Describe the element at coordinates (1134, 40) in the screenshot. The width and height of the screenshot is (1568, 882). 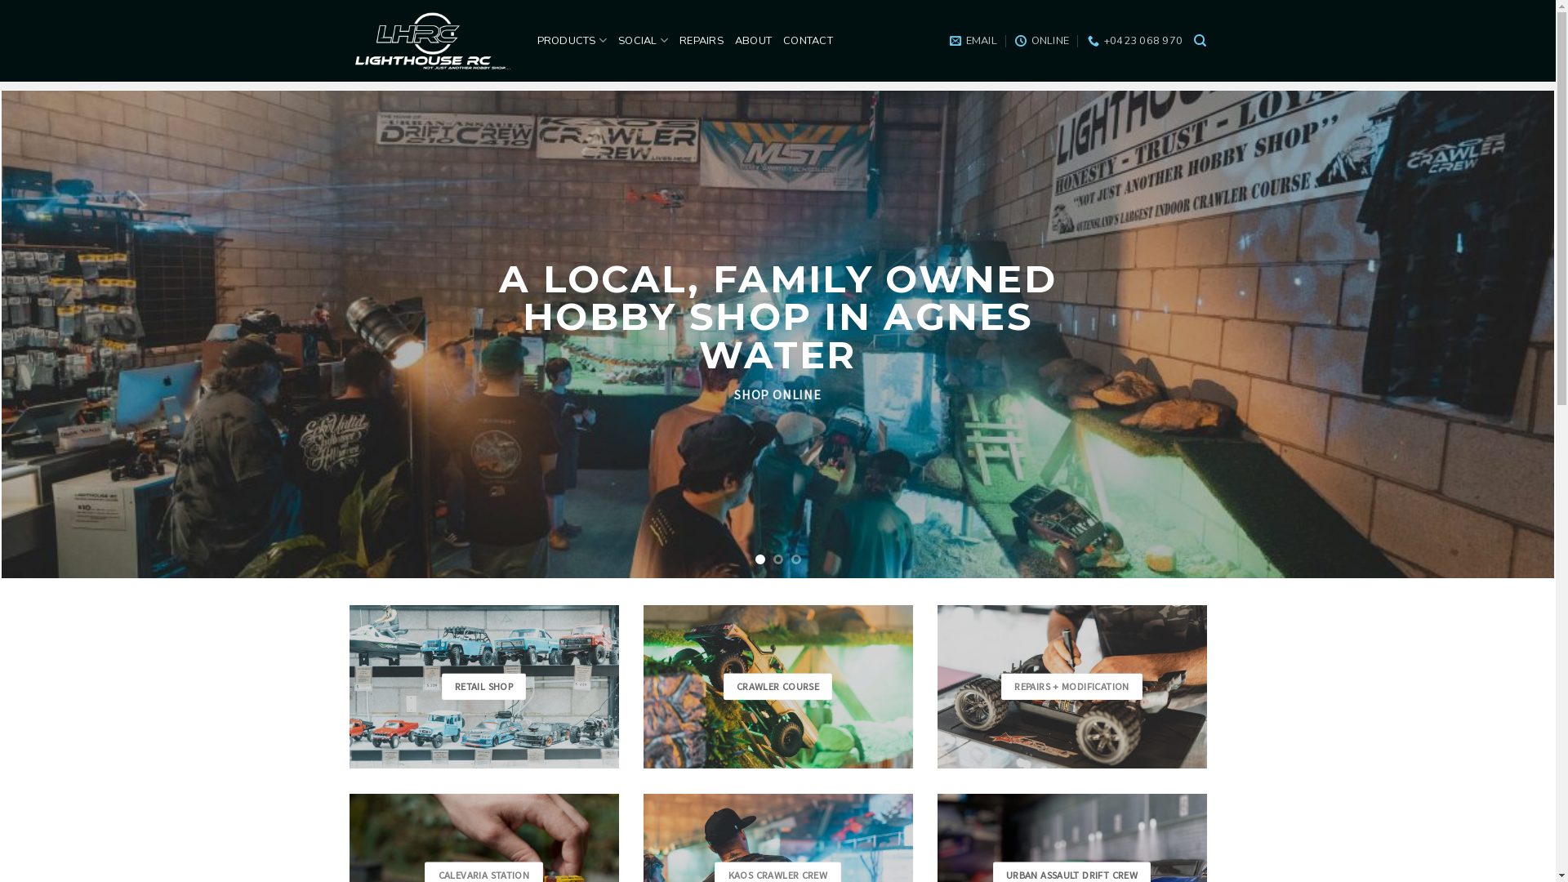
I see `'+0423 068 970'` at that location.